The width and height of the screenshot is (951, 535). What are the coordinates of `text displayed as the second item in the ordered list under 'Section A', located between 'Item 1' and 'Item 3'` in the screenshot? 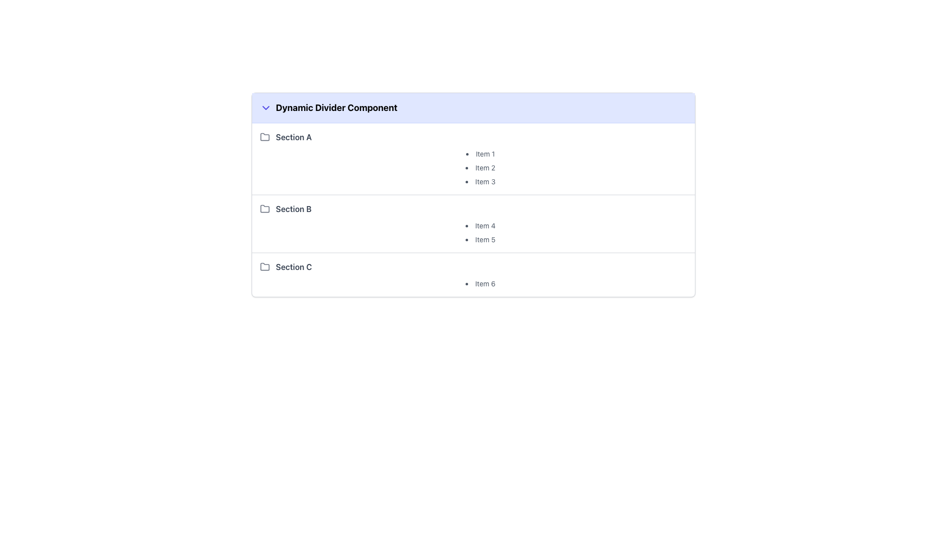 It's located at (480, 167).